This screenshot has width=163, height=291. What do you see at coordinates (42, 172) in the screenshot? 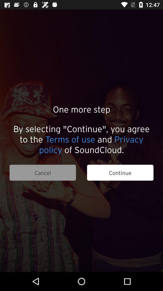
I see `item next to the continue item` at bounding box center [42, 172].